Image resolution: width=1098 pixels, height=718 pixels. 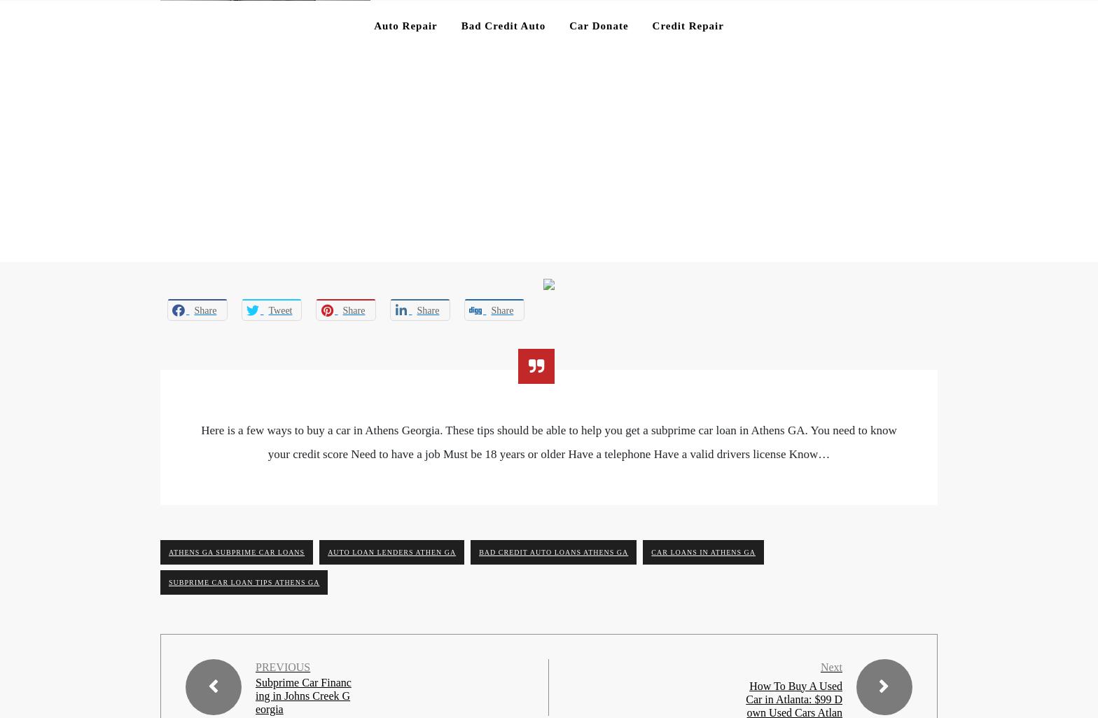 What do you see at coordinates (408, 693) in the screenshot?
I see `'Copyright ©2023 99 Dollar Car Payments. All rights reserved.'` at bounding box center [408, 693].